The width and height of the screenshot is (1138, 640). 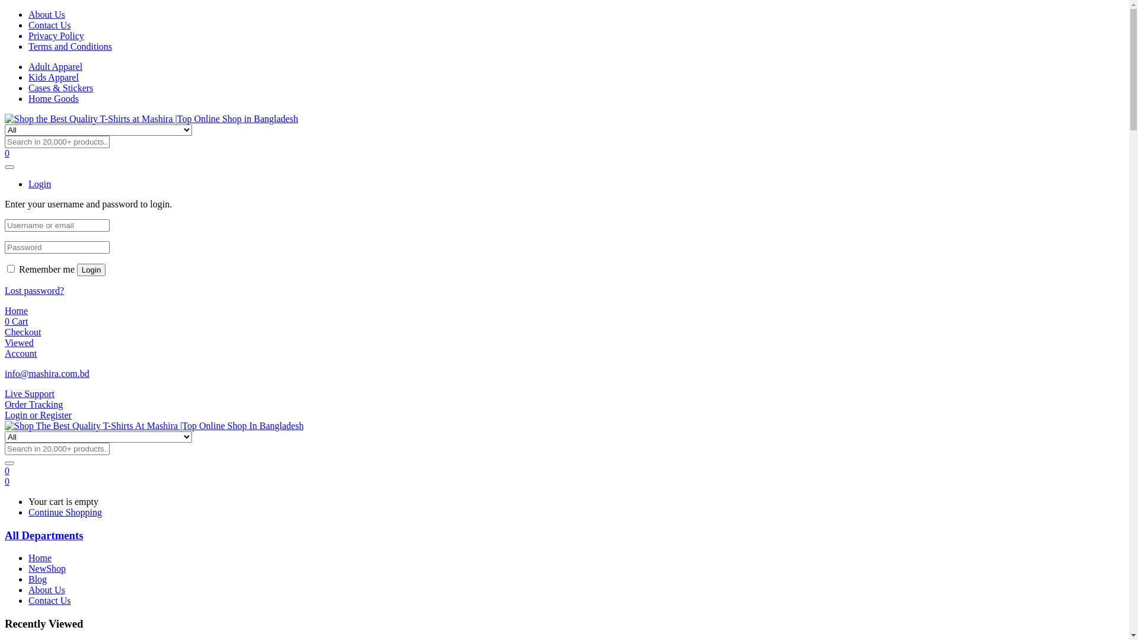 What do you see at coordinates (23, 332) in the screenshot?
I see `'Checkout'` at bounding box center [23, 332].